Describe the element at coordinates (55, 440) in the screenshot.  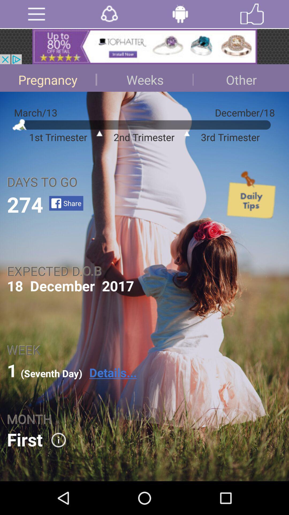
I see `option` at that location.